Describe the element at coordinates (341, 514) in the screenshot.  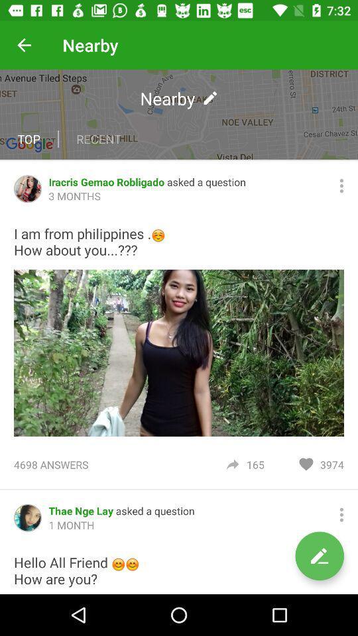
I see `more information` at that location.